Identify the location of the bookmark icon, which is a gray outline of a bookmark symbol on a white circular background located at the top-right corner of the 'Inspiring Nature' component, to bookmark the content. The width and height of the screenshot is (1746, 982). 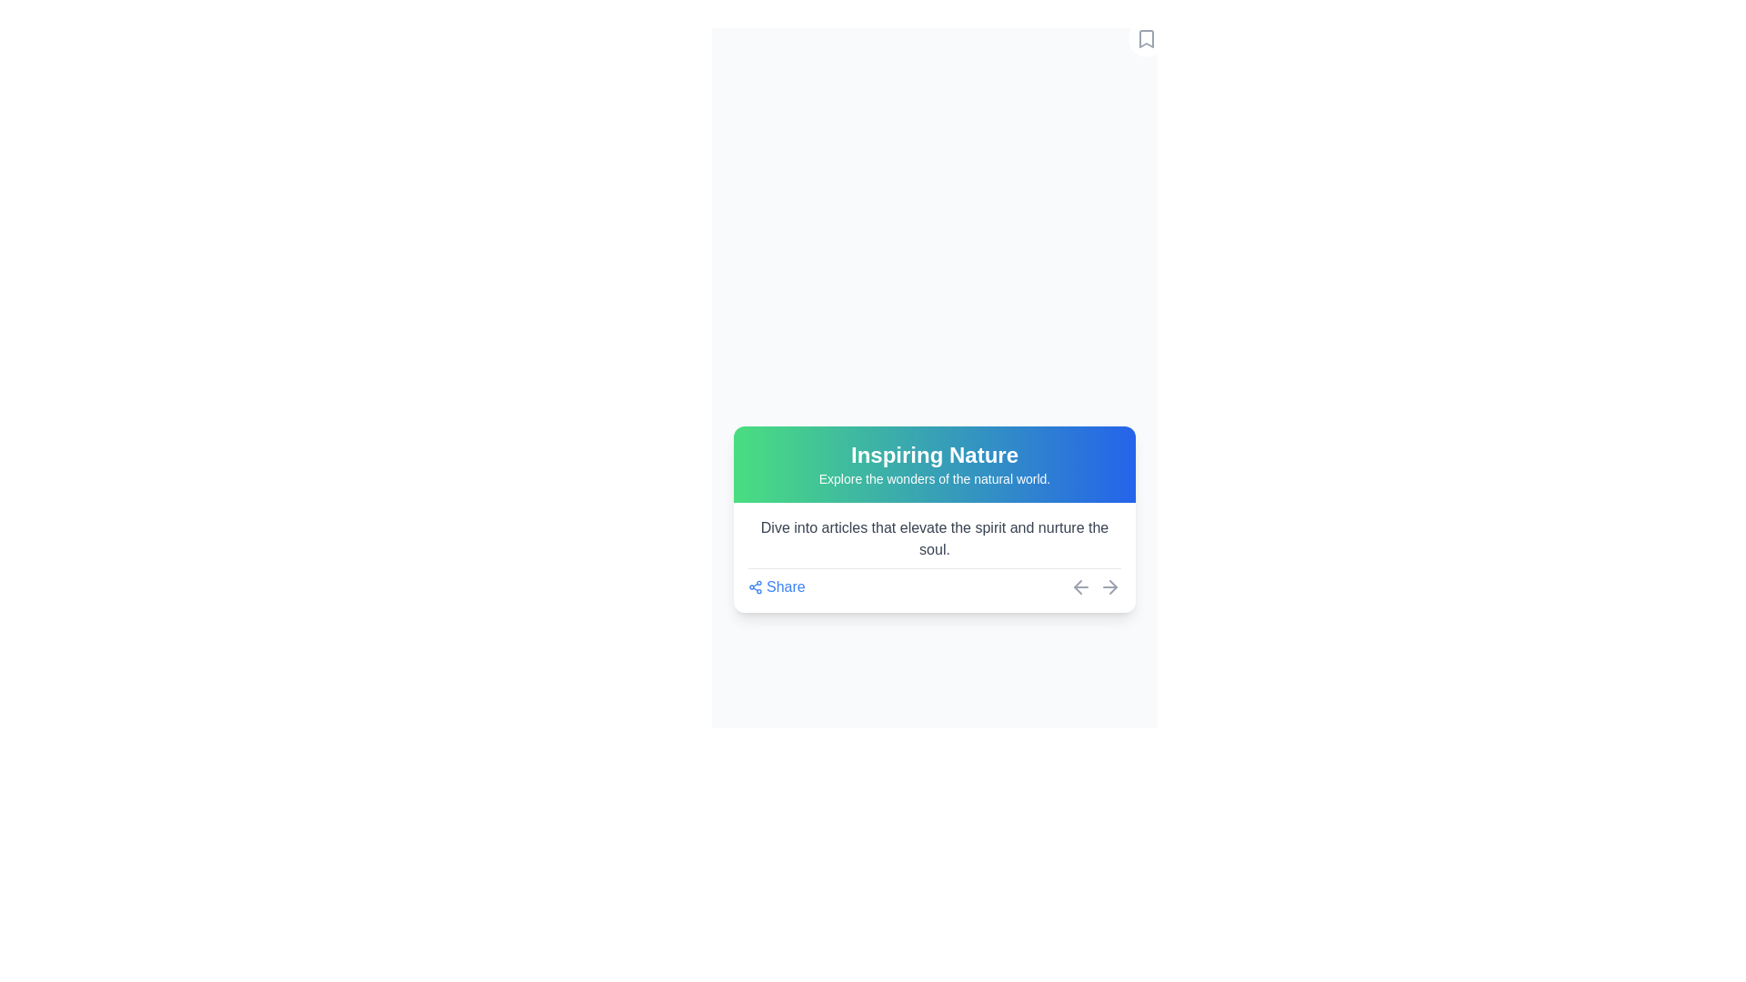
(1146, 38).